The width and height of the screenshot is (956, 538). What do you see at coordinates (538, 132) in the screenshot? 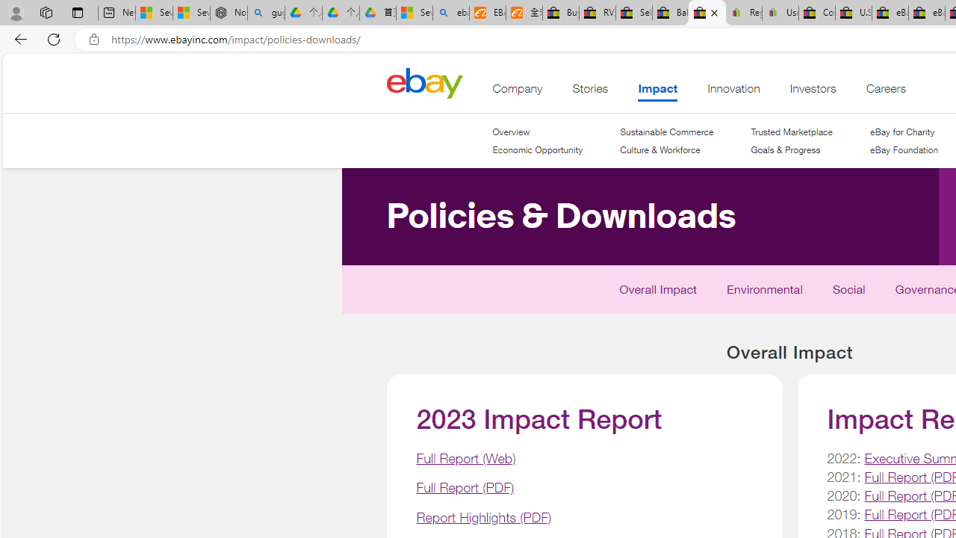
I see `'Overview'` at bounding box center [538, 132].